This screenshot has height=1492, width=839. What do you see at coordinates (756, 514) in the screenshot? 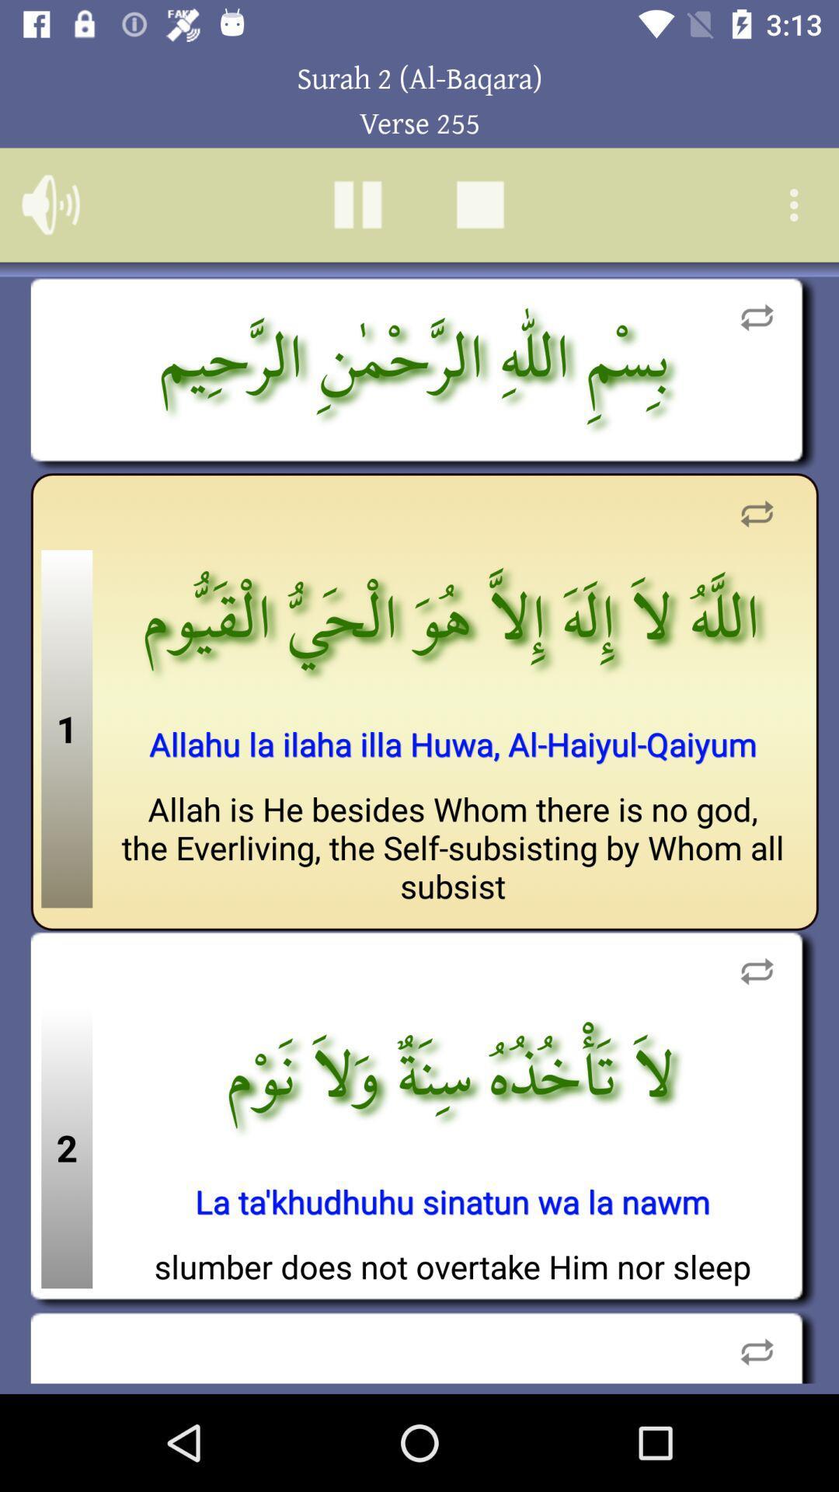
I see `switch` at bounding box center [756, 514].